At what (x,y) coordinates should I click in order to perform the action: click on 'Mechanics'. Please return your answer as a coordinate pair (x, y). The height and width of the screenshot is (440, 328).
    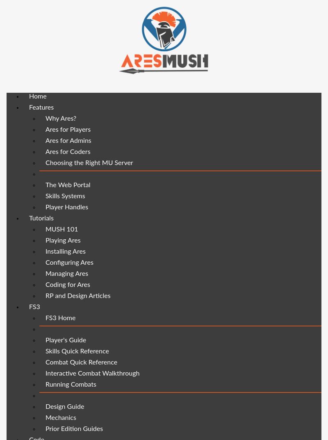
    Looking at the image, I should click on (61, 417).